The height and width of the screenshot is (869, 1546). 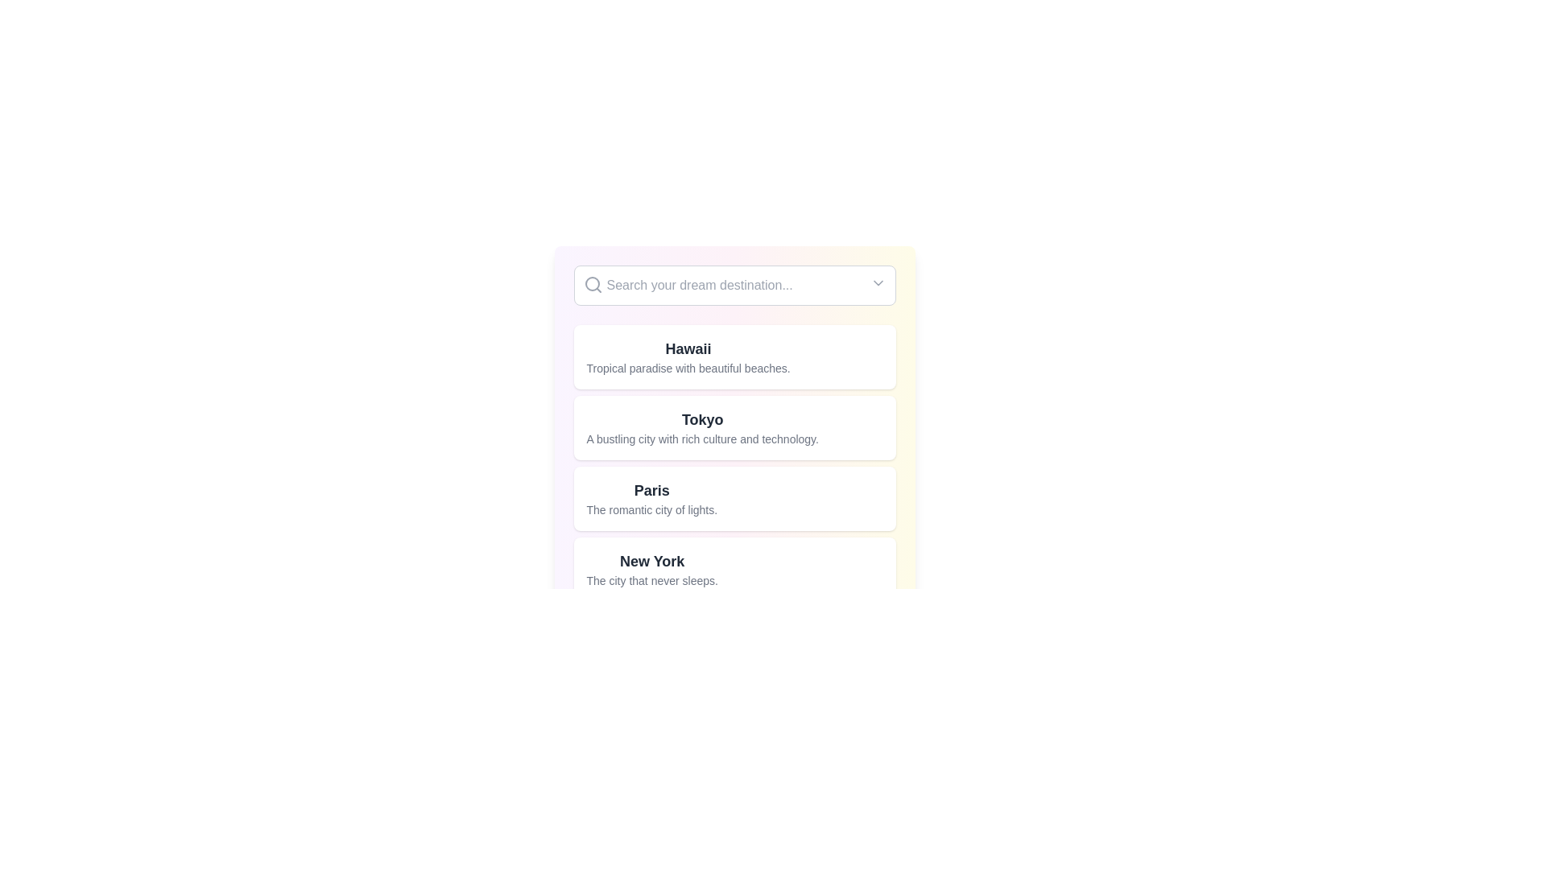 I want to click on the last list item containing the title 'New York' and the description 'The city that never sleeps.', so click(x=652, y=569).